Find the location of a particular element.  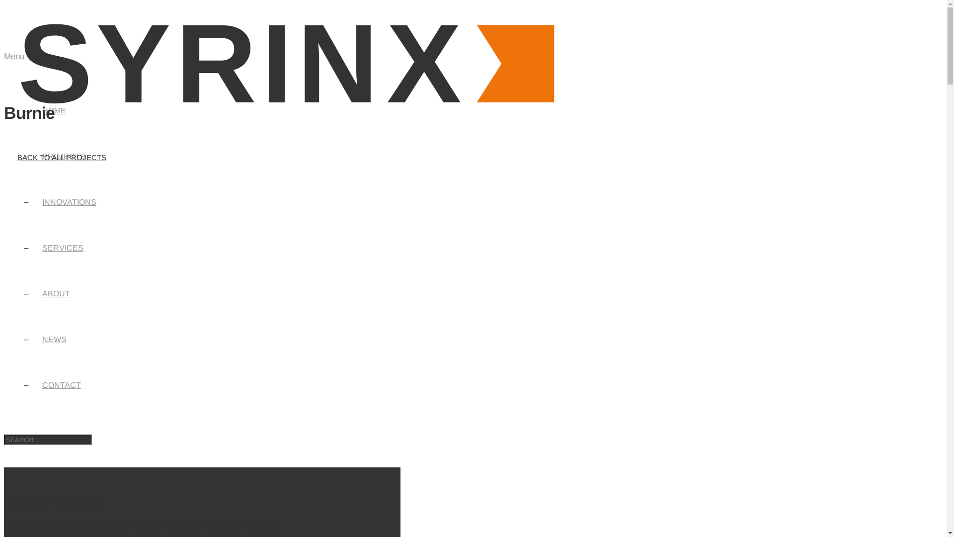

'ABOUT' is located at coordinates (56, 293).